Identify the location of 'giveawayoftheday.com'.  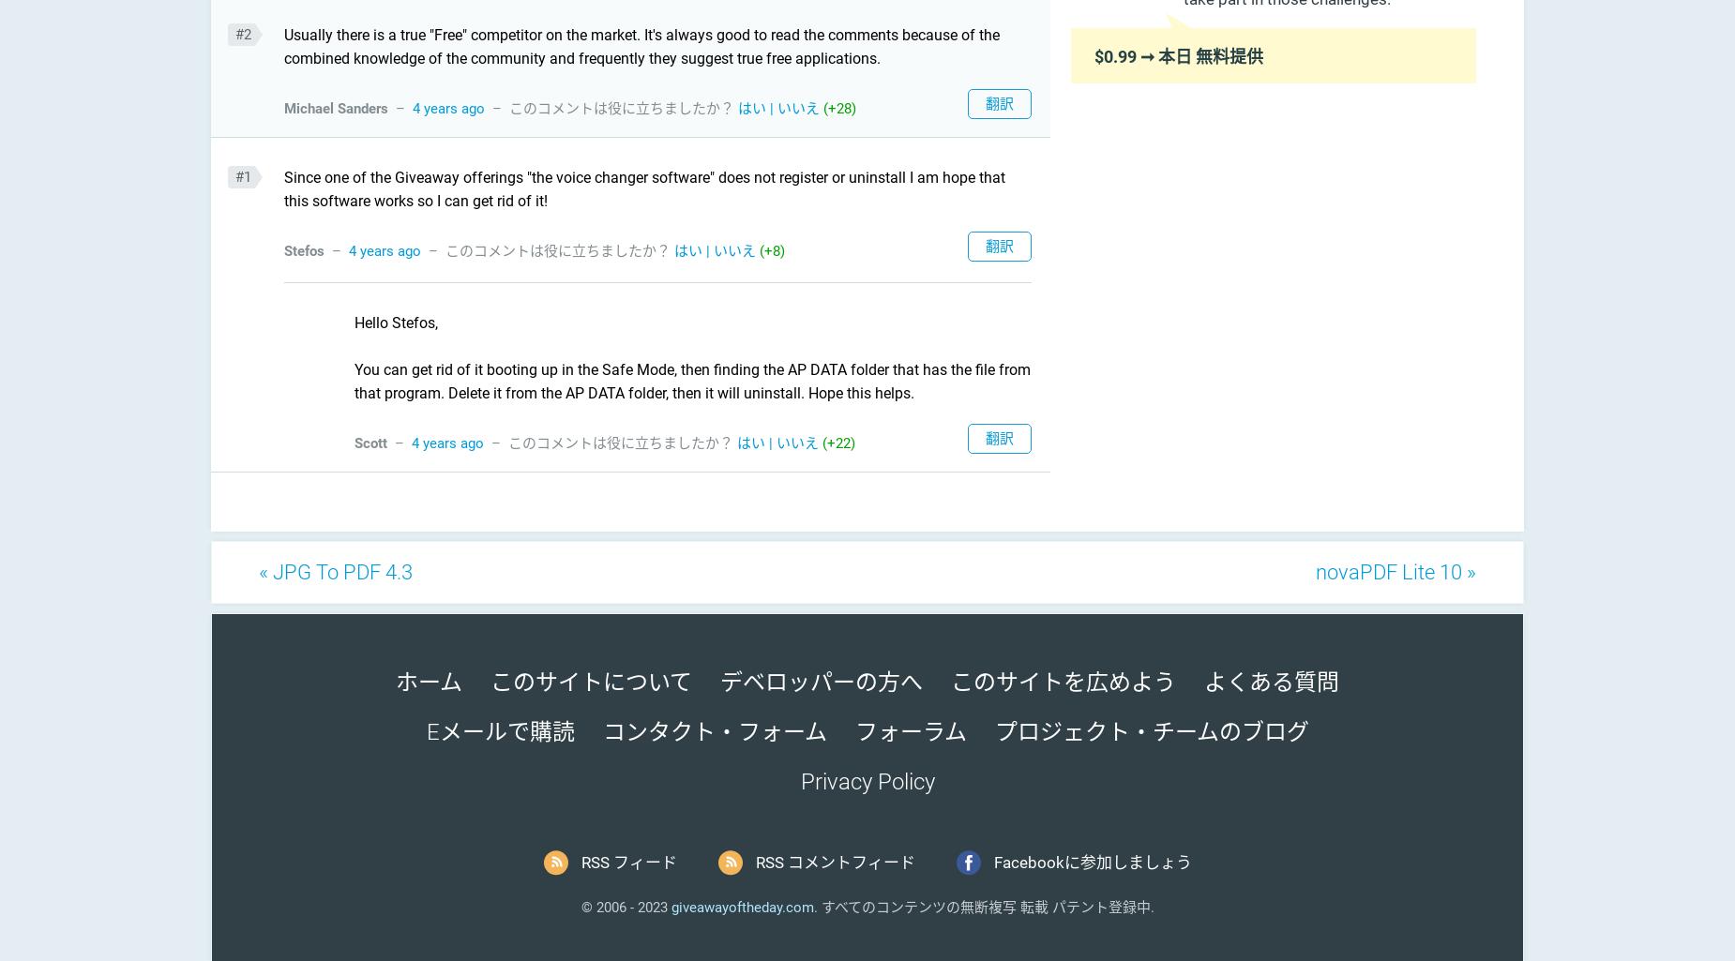
(742, 906).